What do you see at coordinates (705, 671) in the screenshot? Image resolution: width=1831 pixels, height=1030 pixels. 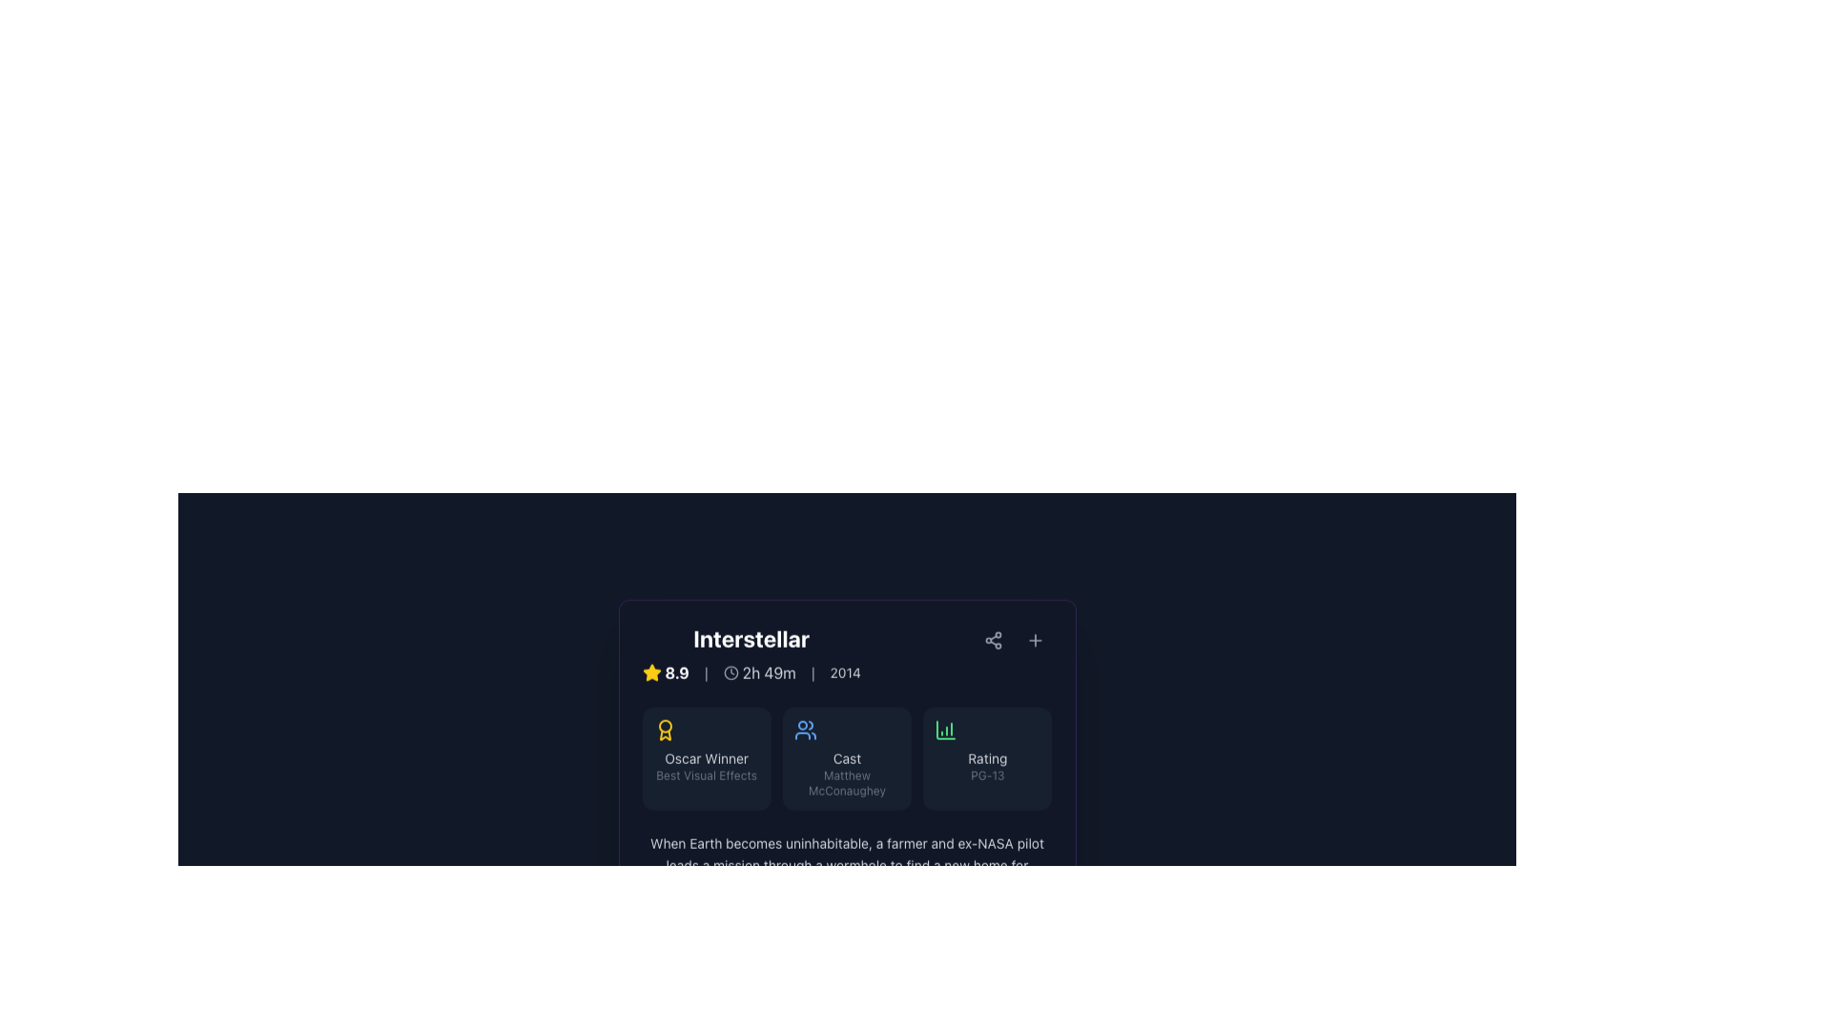 I see `the thin vertical gray separator line that separates the movie rating from the duration information` at bounding box center [705, 671].